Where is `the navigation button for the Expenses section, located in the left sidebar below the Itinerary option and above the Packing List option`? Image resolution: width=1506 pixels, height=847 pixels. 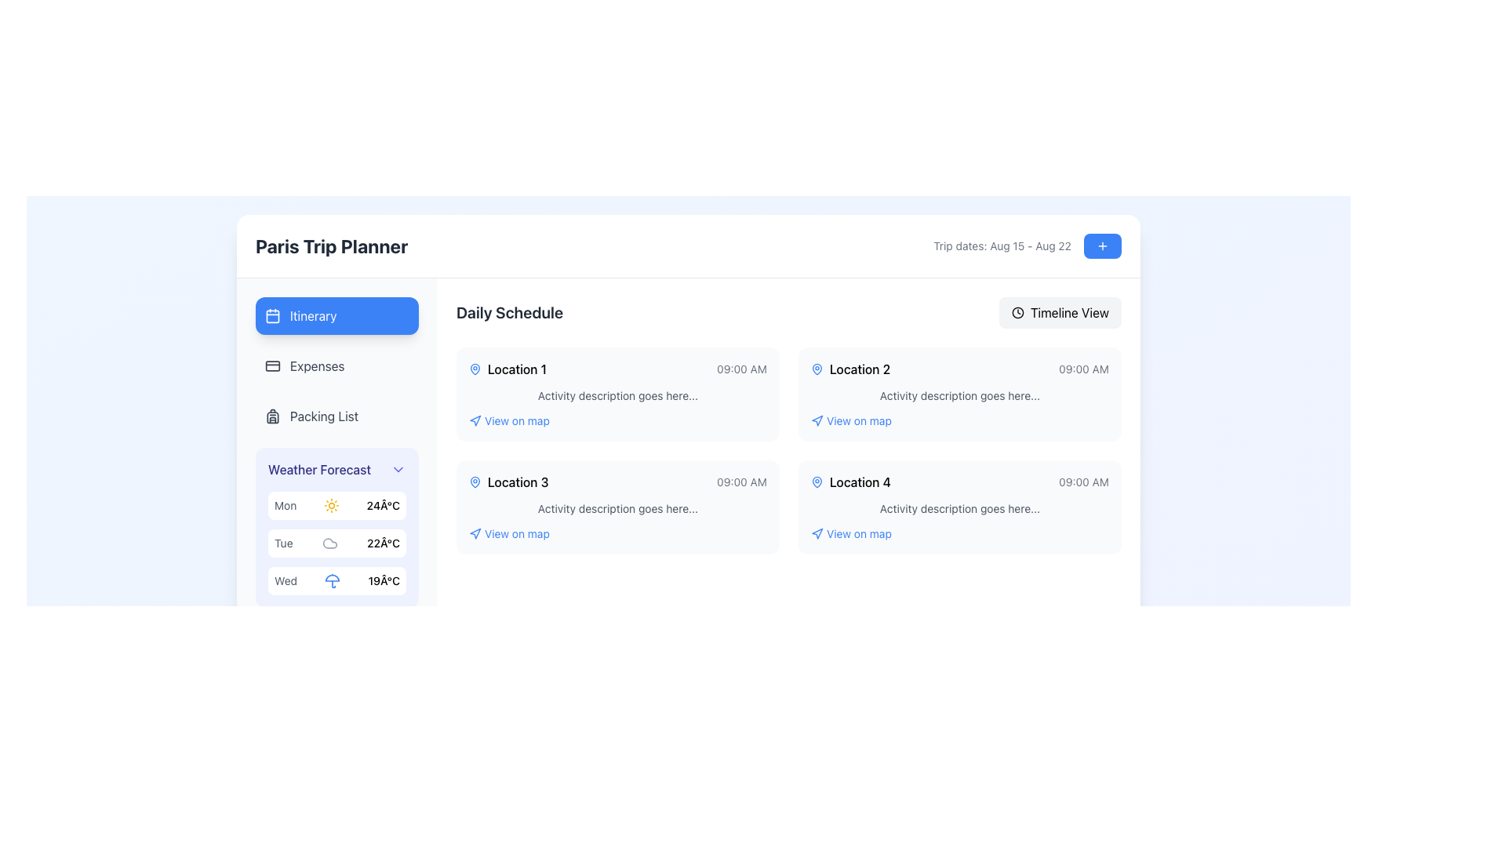
the navigation button for the Expenses section, located in the left sidebar below the Itinerary option and above the Packing List option is located at coordinates (336, 365).